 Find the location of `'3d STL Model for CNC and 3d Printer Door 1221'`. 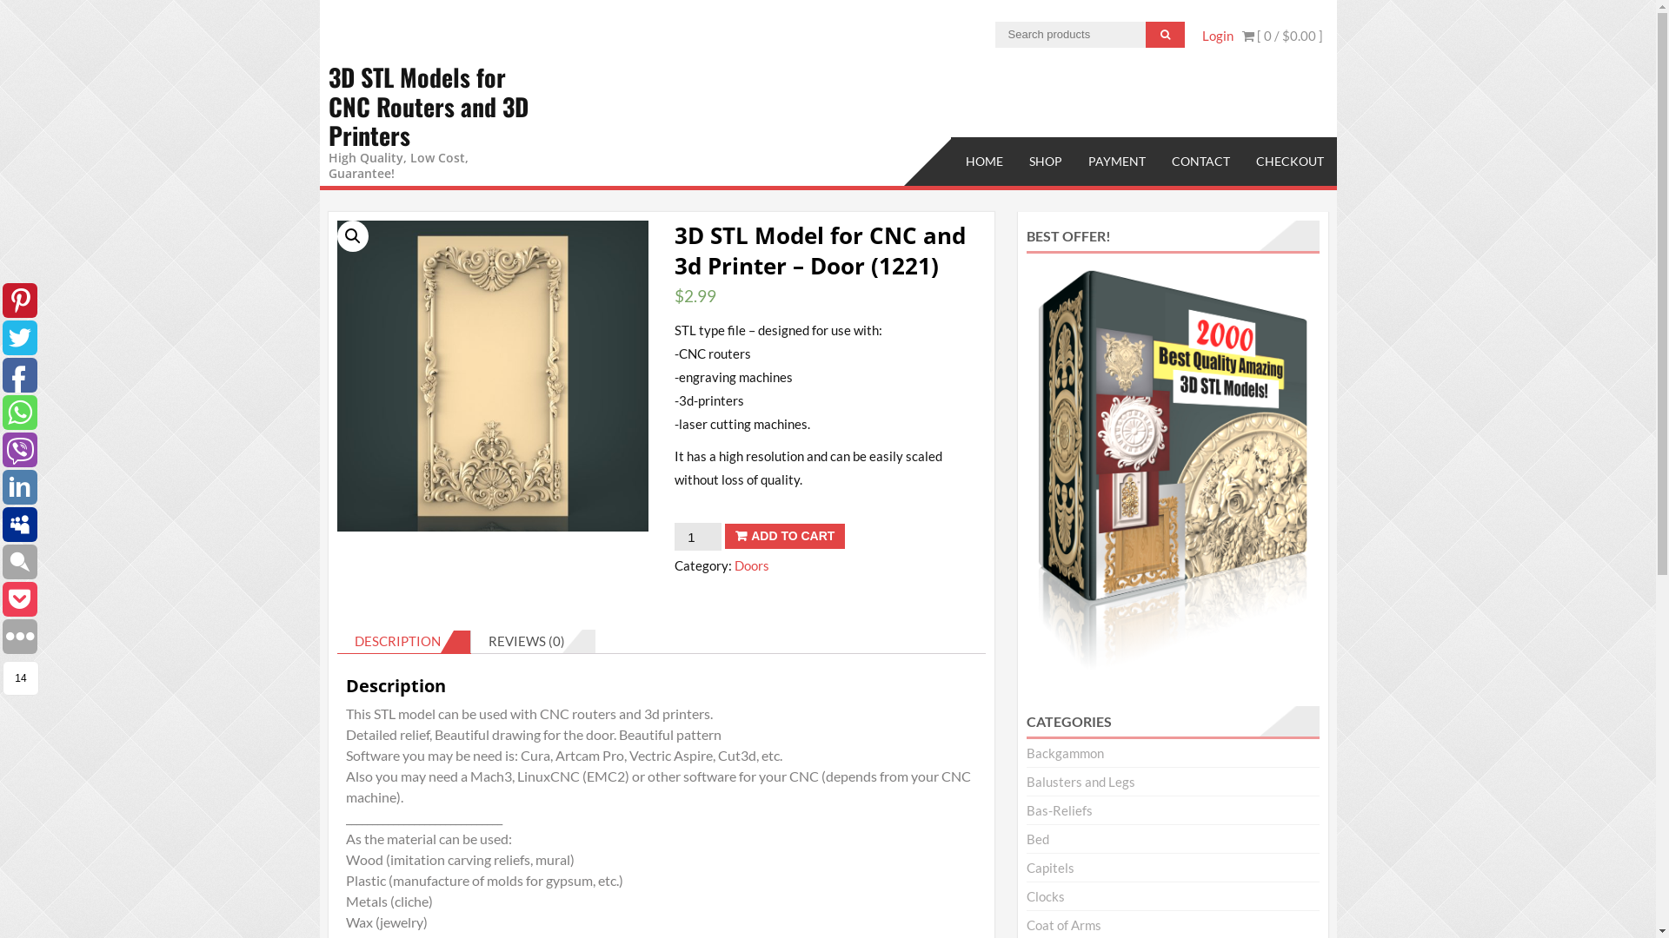

'3d STL Model for CNC and 3d Printer Door 1221' is located at coordinates (491, 374).